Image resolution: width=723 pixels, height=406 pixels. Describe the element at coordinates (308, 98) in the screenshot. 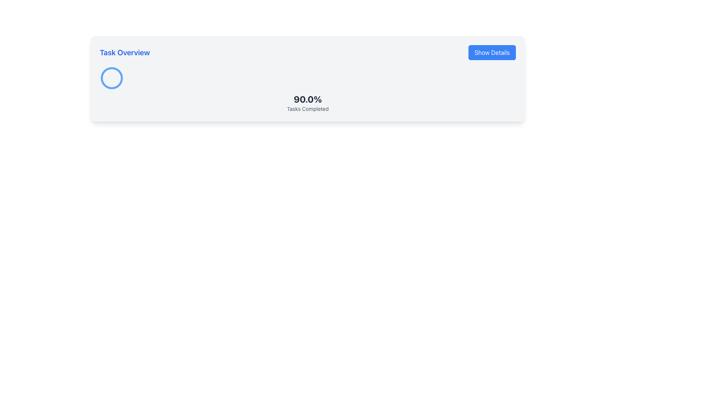

I see `the Text Display that shows the percentage of tasks completed, located between the blue circular icon and the 'Tasks Completed' text` at that location.